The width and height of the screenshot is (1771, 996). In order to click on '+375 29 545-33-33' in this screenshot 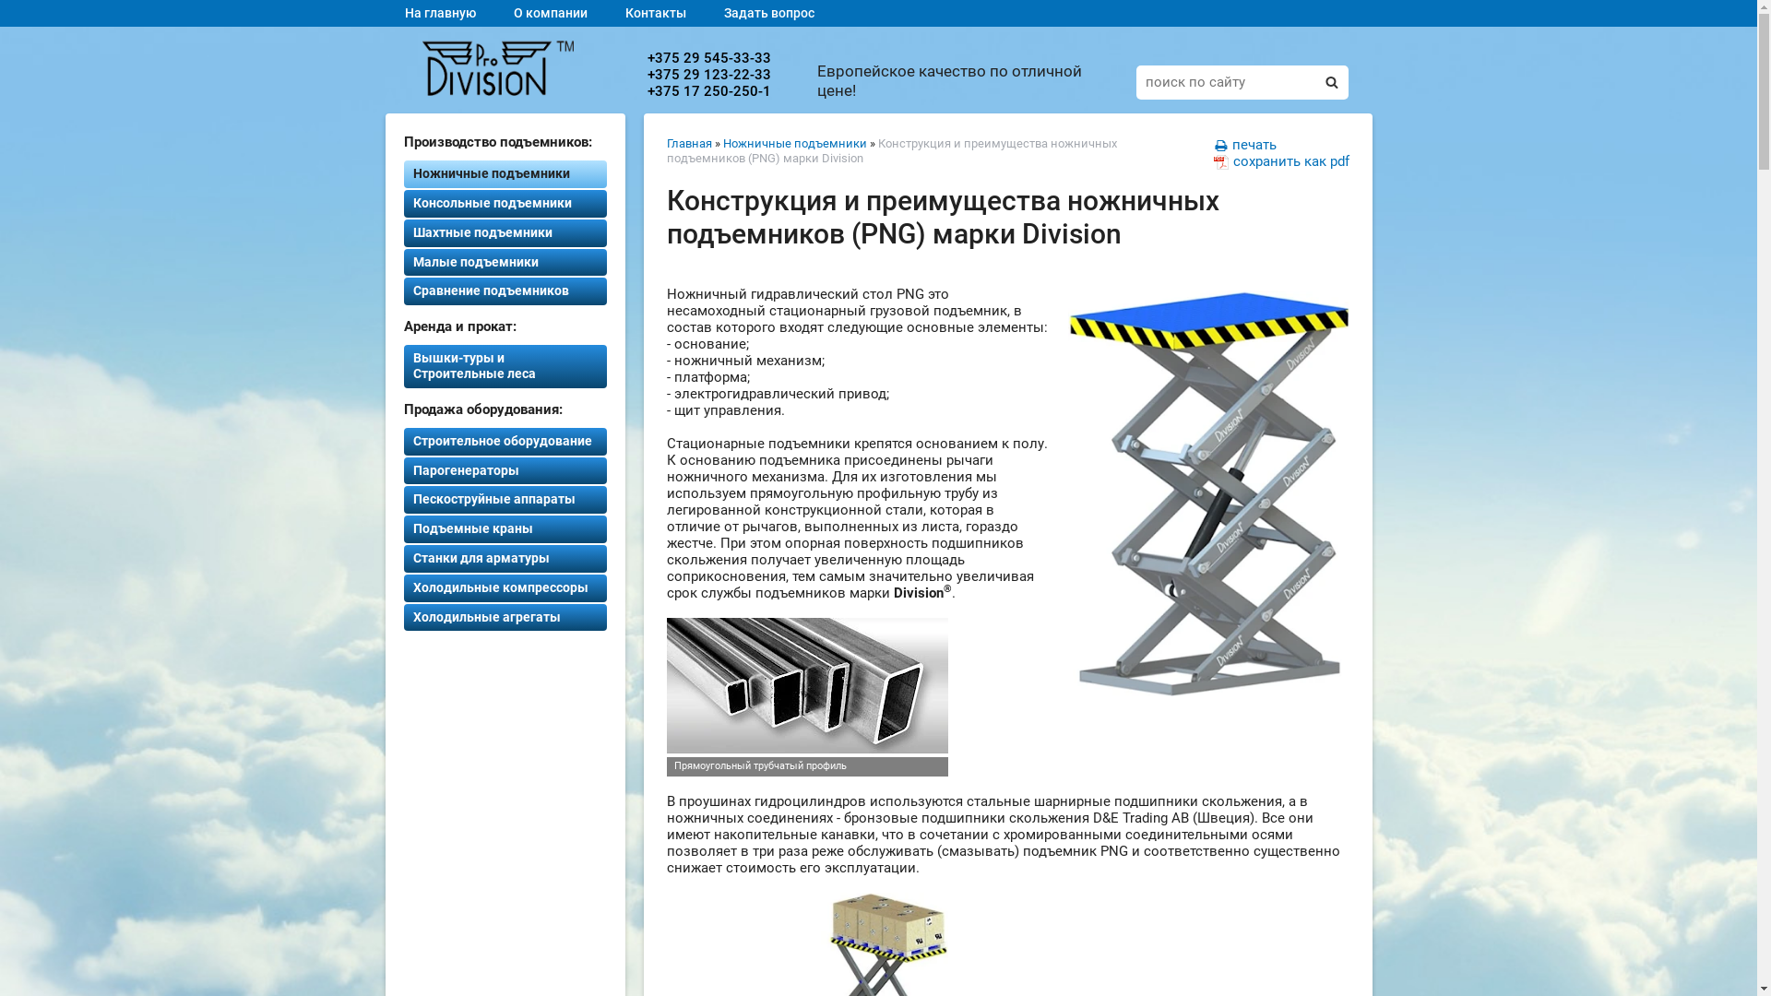, I will do `click(707, 56)`.